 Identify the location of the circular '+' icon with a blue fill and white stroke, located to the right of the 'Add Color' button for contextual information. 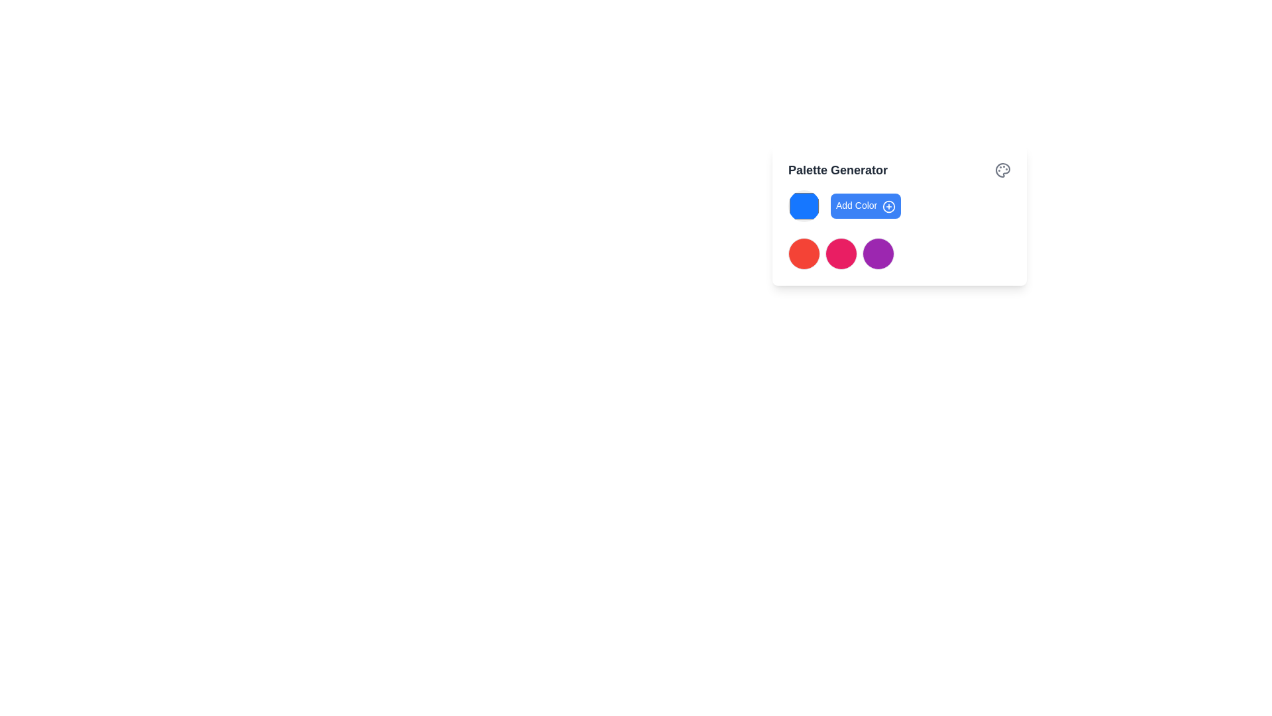
(889, 206).